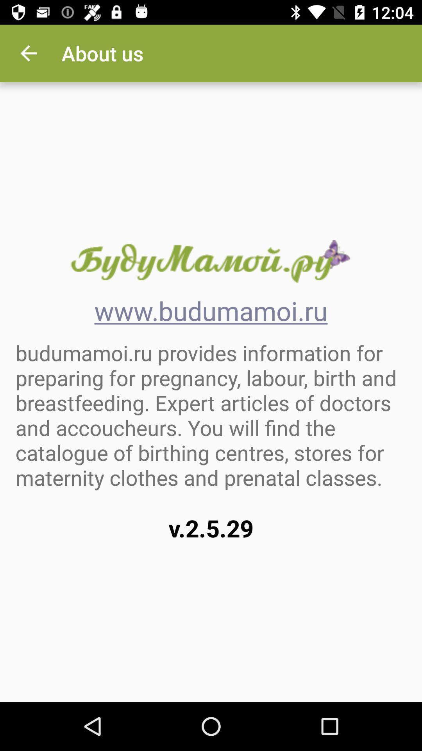 Image resolution: width=422 pixels, height=751 pixels. I want to click on the item above the www.budumamoi.ru item, so click(210, 261).